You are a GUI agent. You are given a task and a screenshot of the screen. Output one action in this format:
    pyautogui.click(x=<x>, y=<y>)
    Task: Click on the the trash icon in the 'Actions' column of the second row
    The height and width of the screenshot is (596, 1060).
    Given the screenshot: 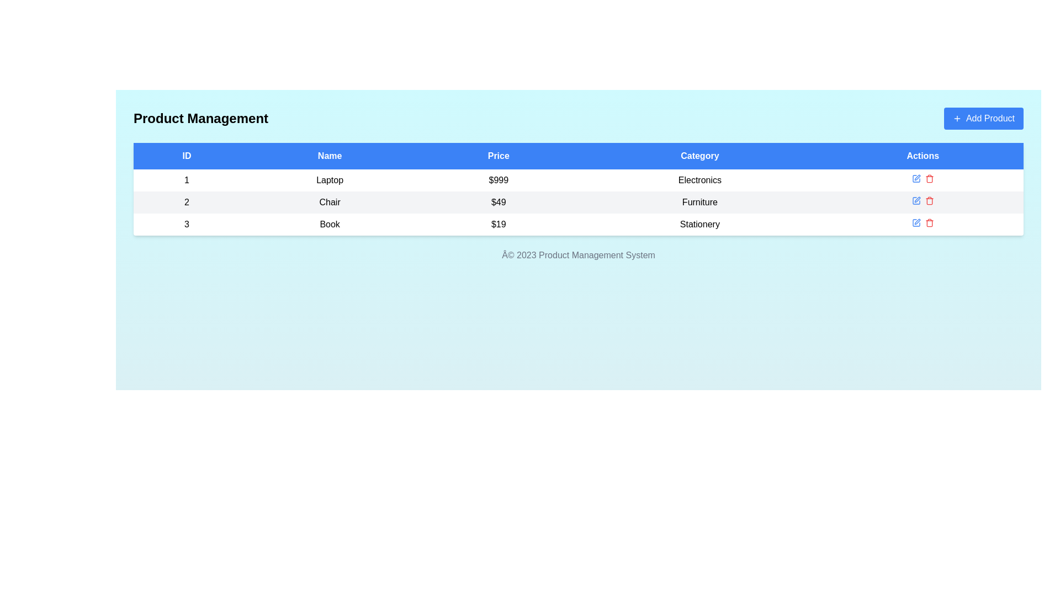 What is the action you would take?
    pyautogui.click(x=929, y=201)
    